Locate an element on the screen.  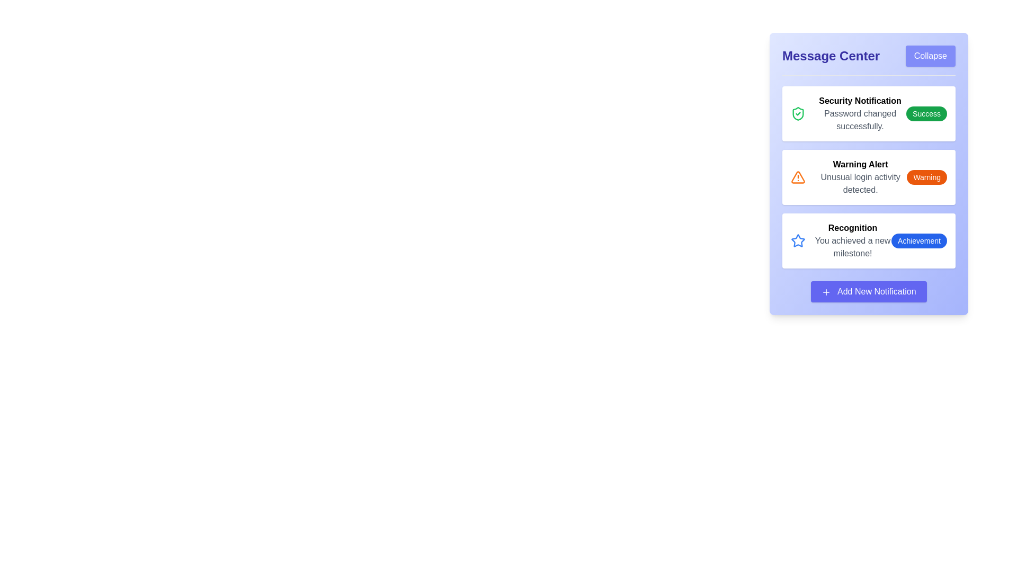
the decorative security icon linked to the password change notification located in the topmost 'Security Notification' entry of the 'Message Center' panel is located at coordinates (798, 114).